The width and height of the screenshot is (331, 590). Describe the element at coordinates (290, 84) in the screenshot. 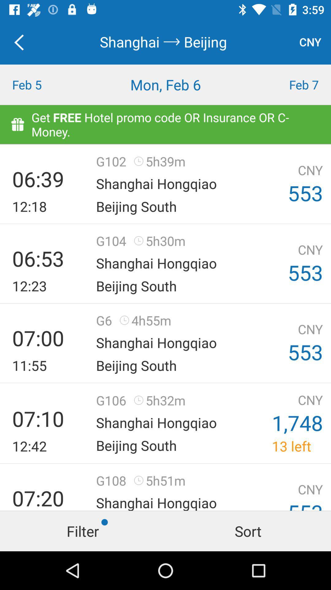

I see `the item below the cny icon` at that location.